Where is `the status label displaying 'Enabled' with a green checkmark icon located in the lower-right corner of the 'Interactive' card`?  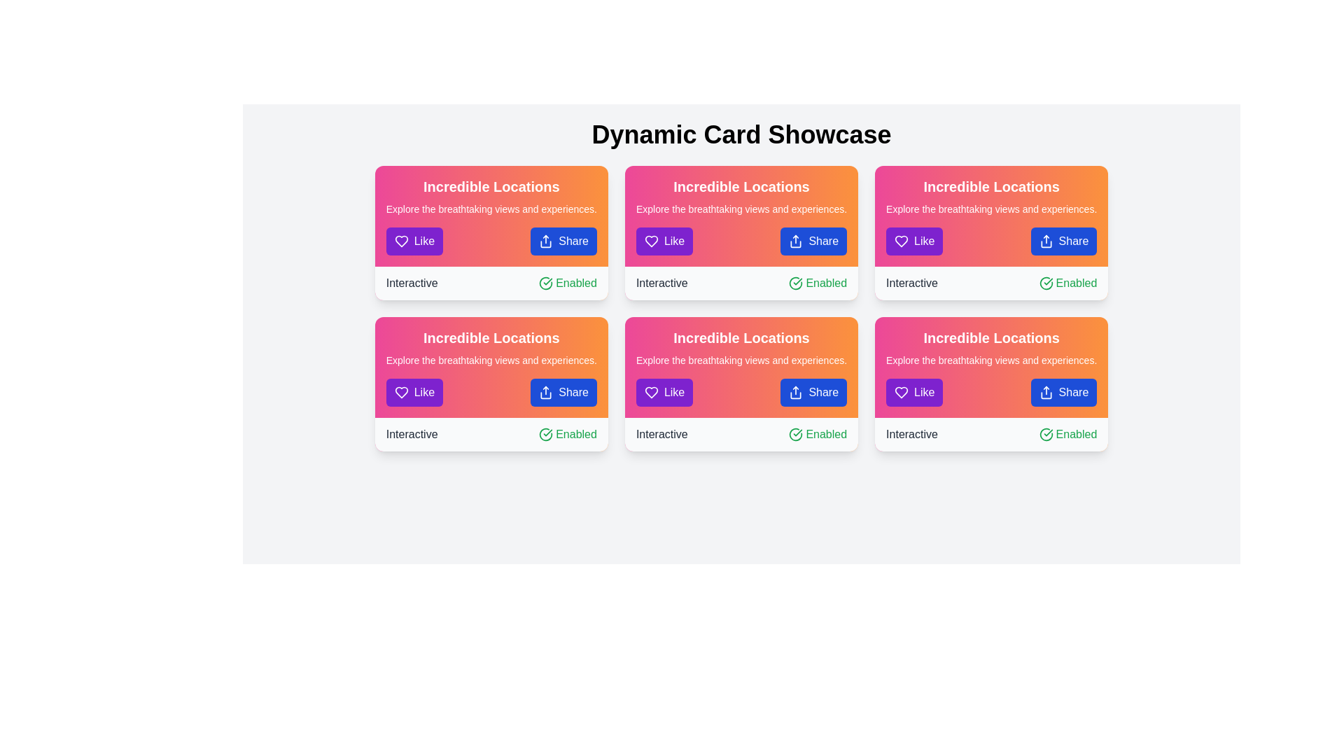
the status label displaying 'Enabled' with a green checkmark icon located in the lower-right corner of the 'Interactive' card is located at coordinates (1067, 434).